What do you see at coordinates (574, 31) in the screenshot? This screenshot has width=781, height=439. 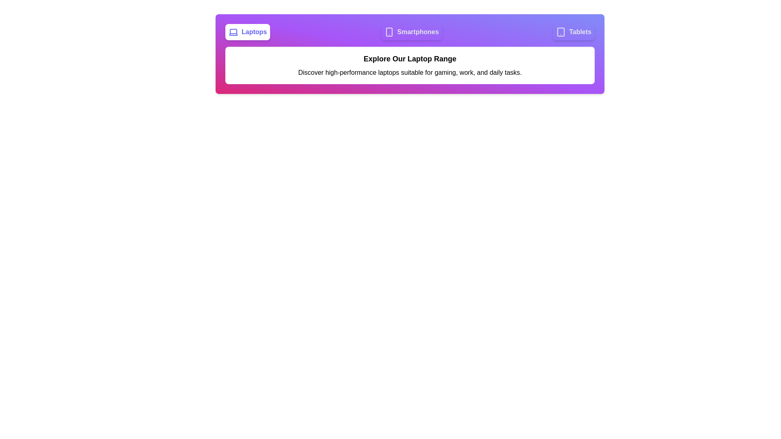 I see `the tab corresponding to Tablets` at bounding box center [574, 31].